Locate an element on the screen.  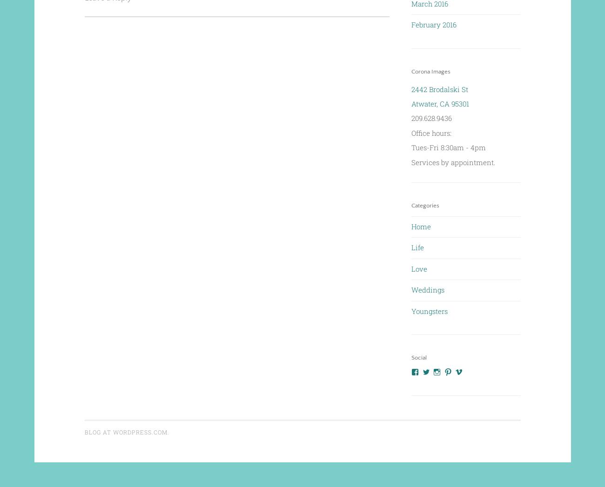
'Youngsters' is located at coordinates (411, 310).